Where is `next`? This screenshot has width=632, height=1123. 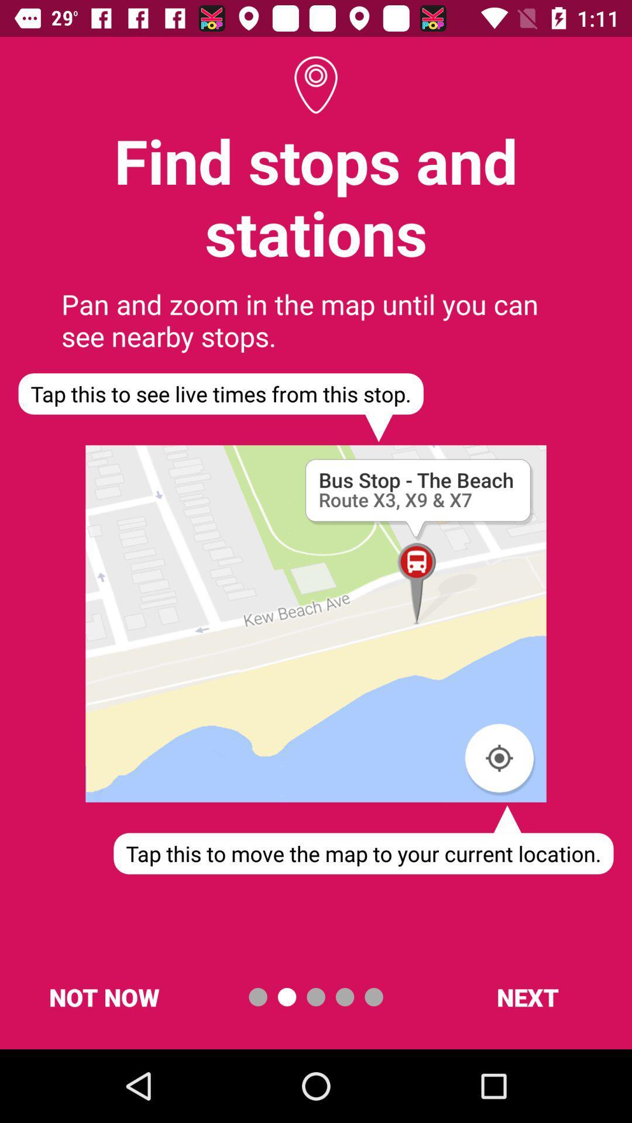 next is located at coordinates (527, 996).